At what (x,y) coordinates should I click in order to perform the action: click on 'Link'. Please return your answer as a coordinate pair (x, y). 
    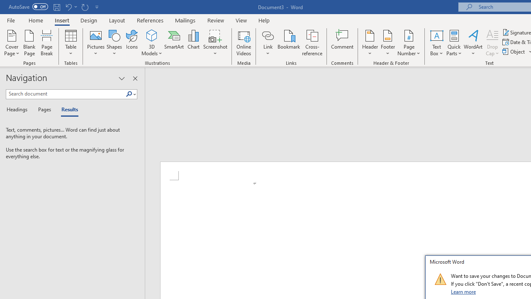
    Looking at the image, I should click on (268, 43).